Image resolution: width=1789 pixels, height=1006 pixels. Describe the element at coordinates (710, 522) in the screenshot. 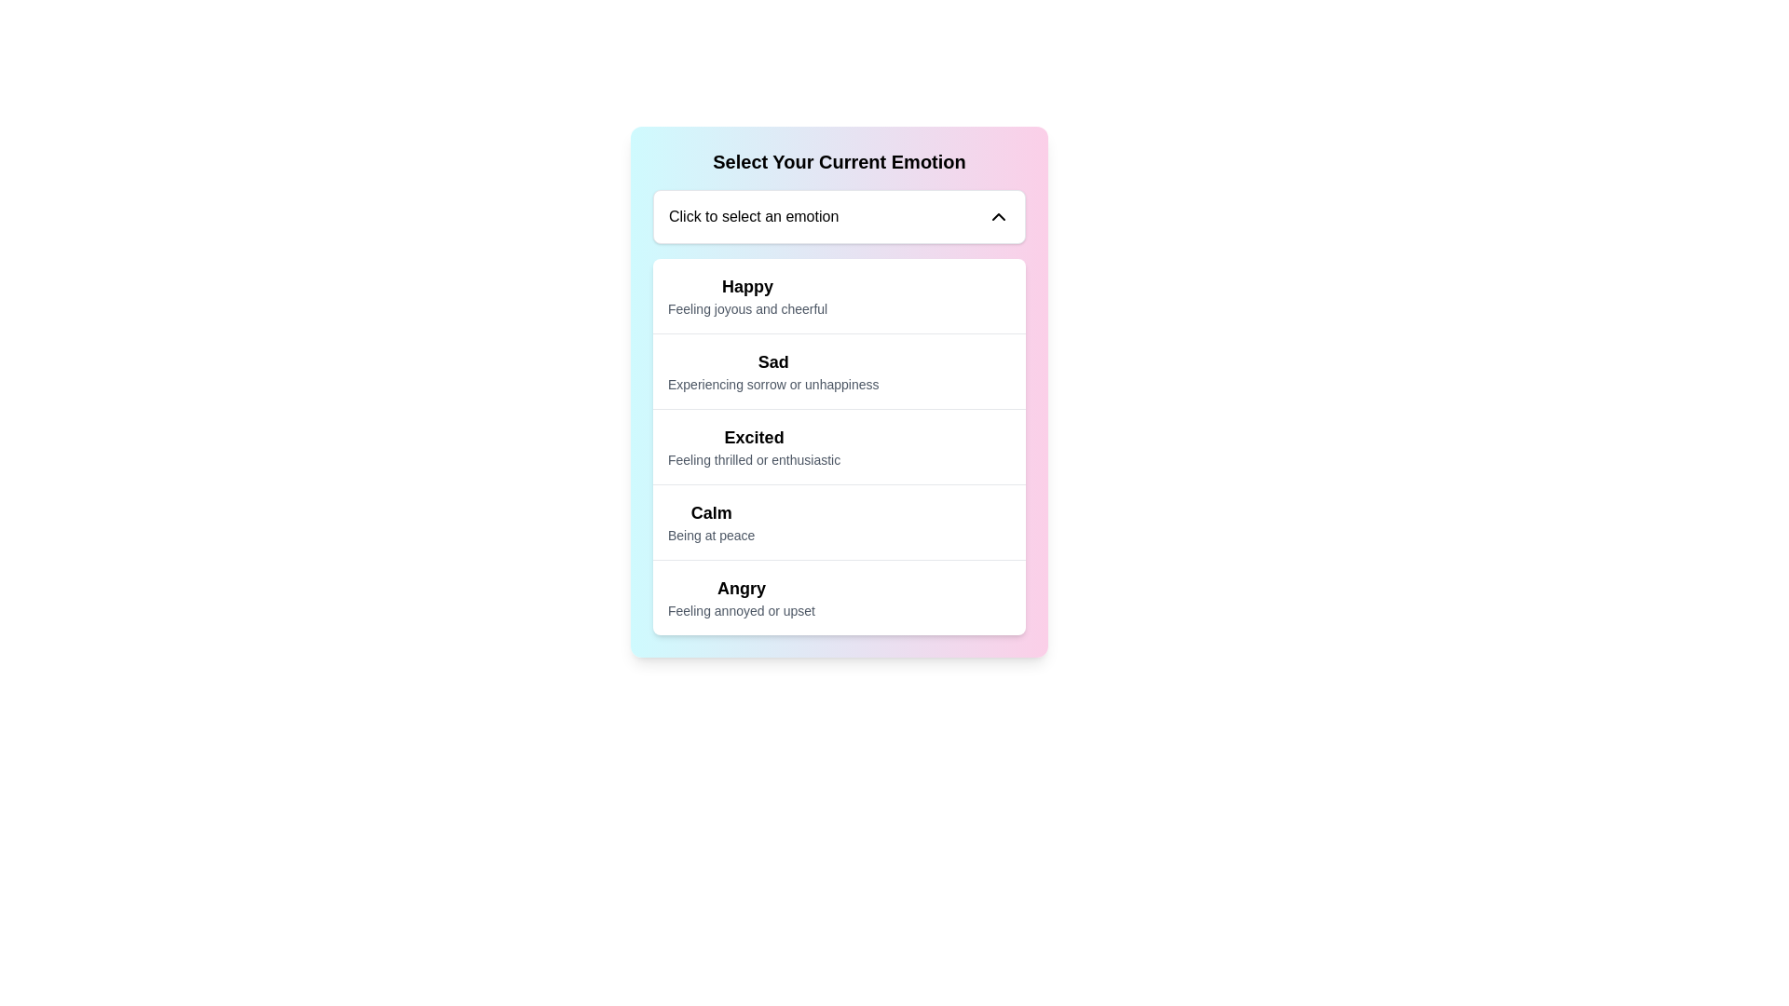

I see `the fourth list item in the drop-down styled interface labeled 'Calm', which contains the text 'Calm' in bold and 'Being at peace' in smaller gray font` at that location.